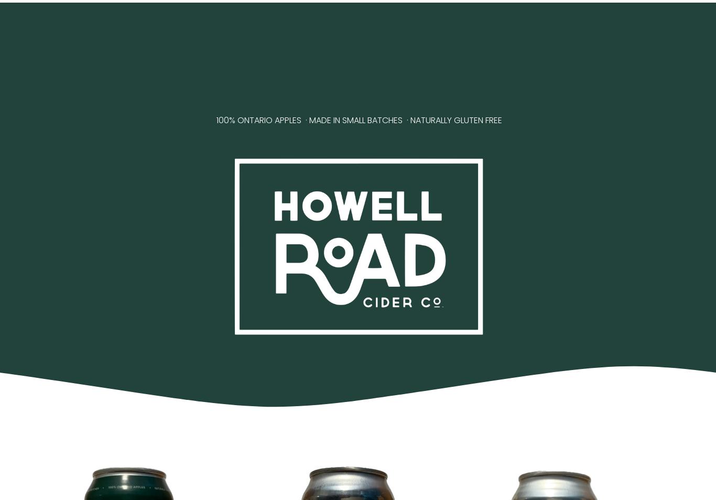  I want to click on 'Plan an Event', so click(436, 62).